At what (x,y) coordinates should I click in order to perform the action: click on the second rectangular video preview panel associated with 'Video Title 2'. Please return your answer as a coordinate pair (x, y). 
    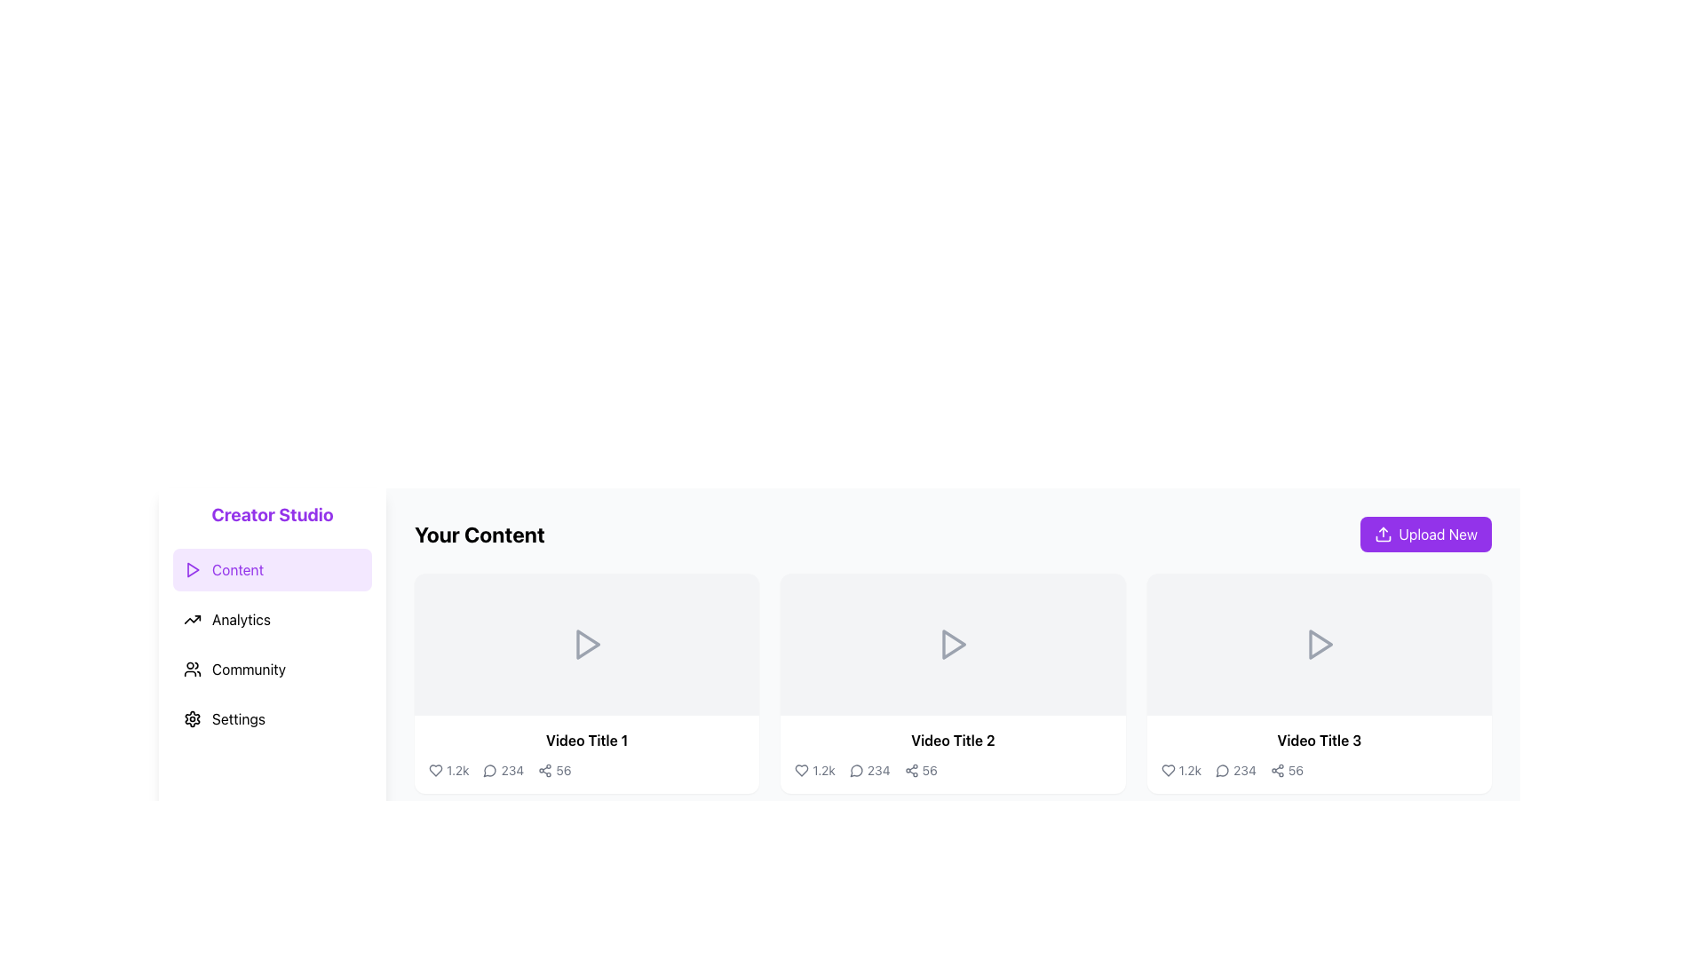
    Looking at the image, I should click on (952, 644).